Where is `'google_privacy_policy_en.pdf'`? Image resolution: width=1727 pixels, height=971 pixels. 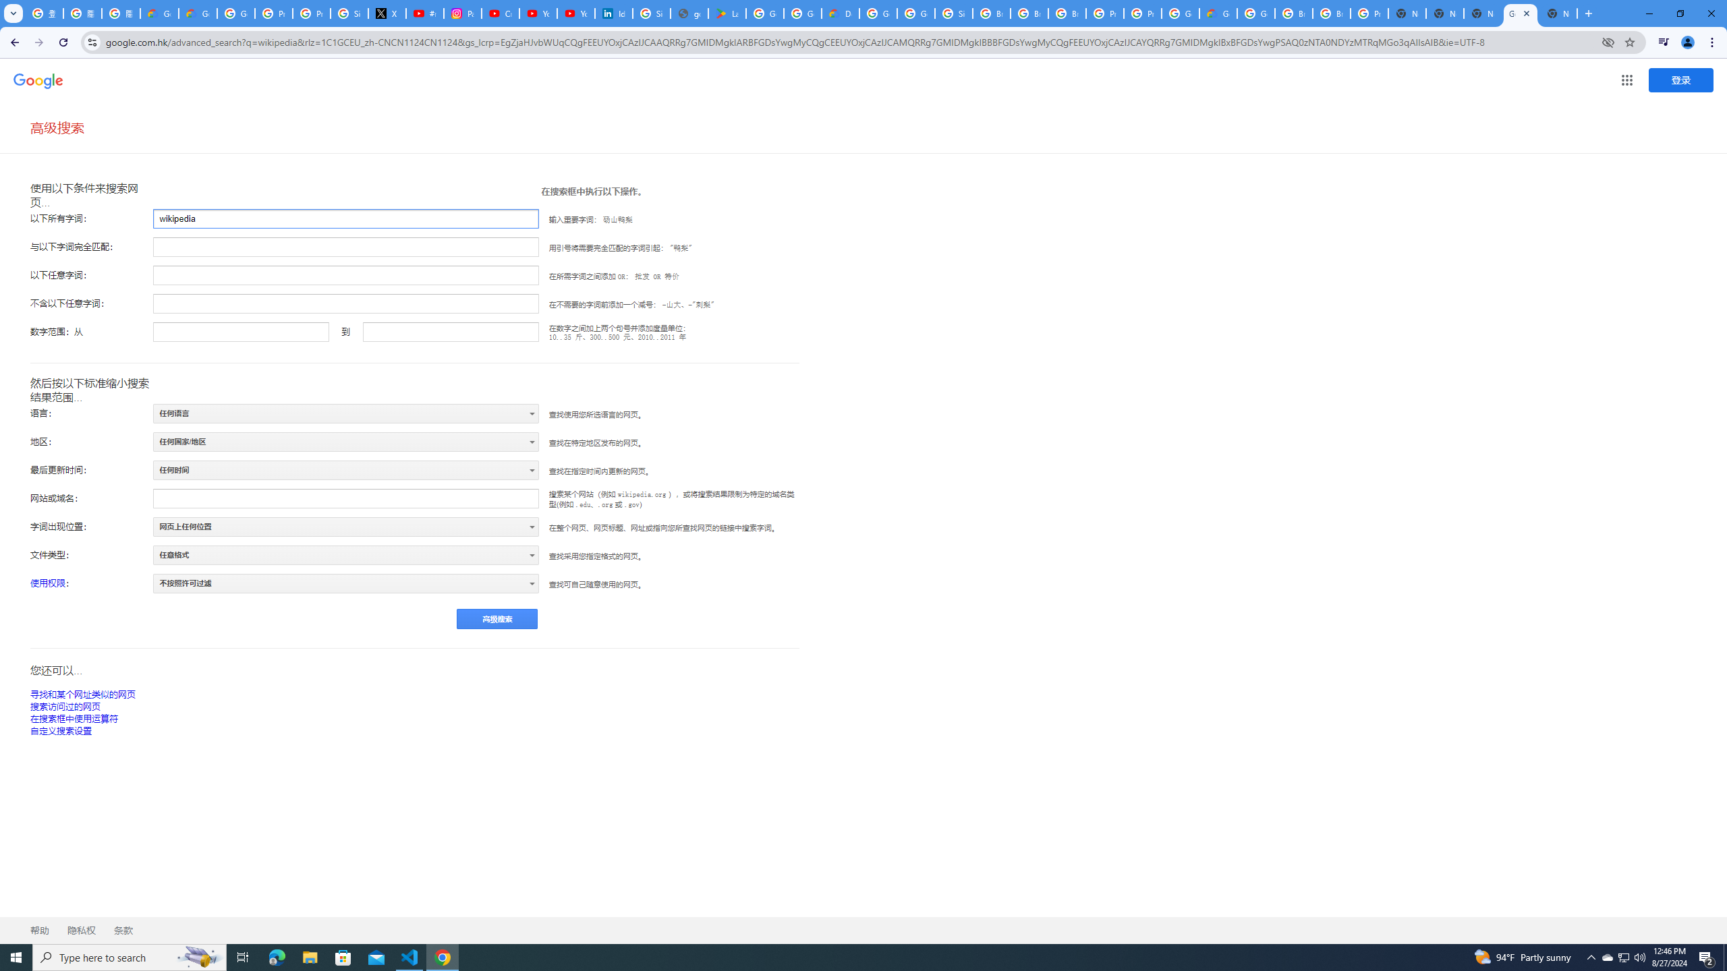
'google_privacy_policy_en.pdf' is located at coordinates (689, 13).